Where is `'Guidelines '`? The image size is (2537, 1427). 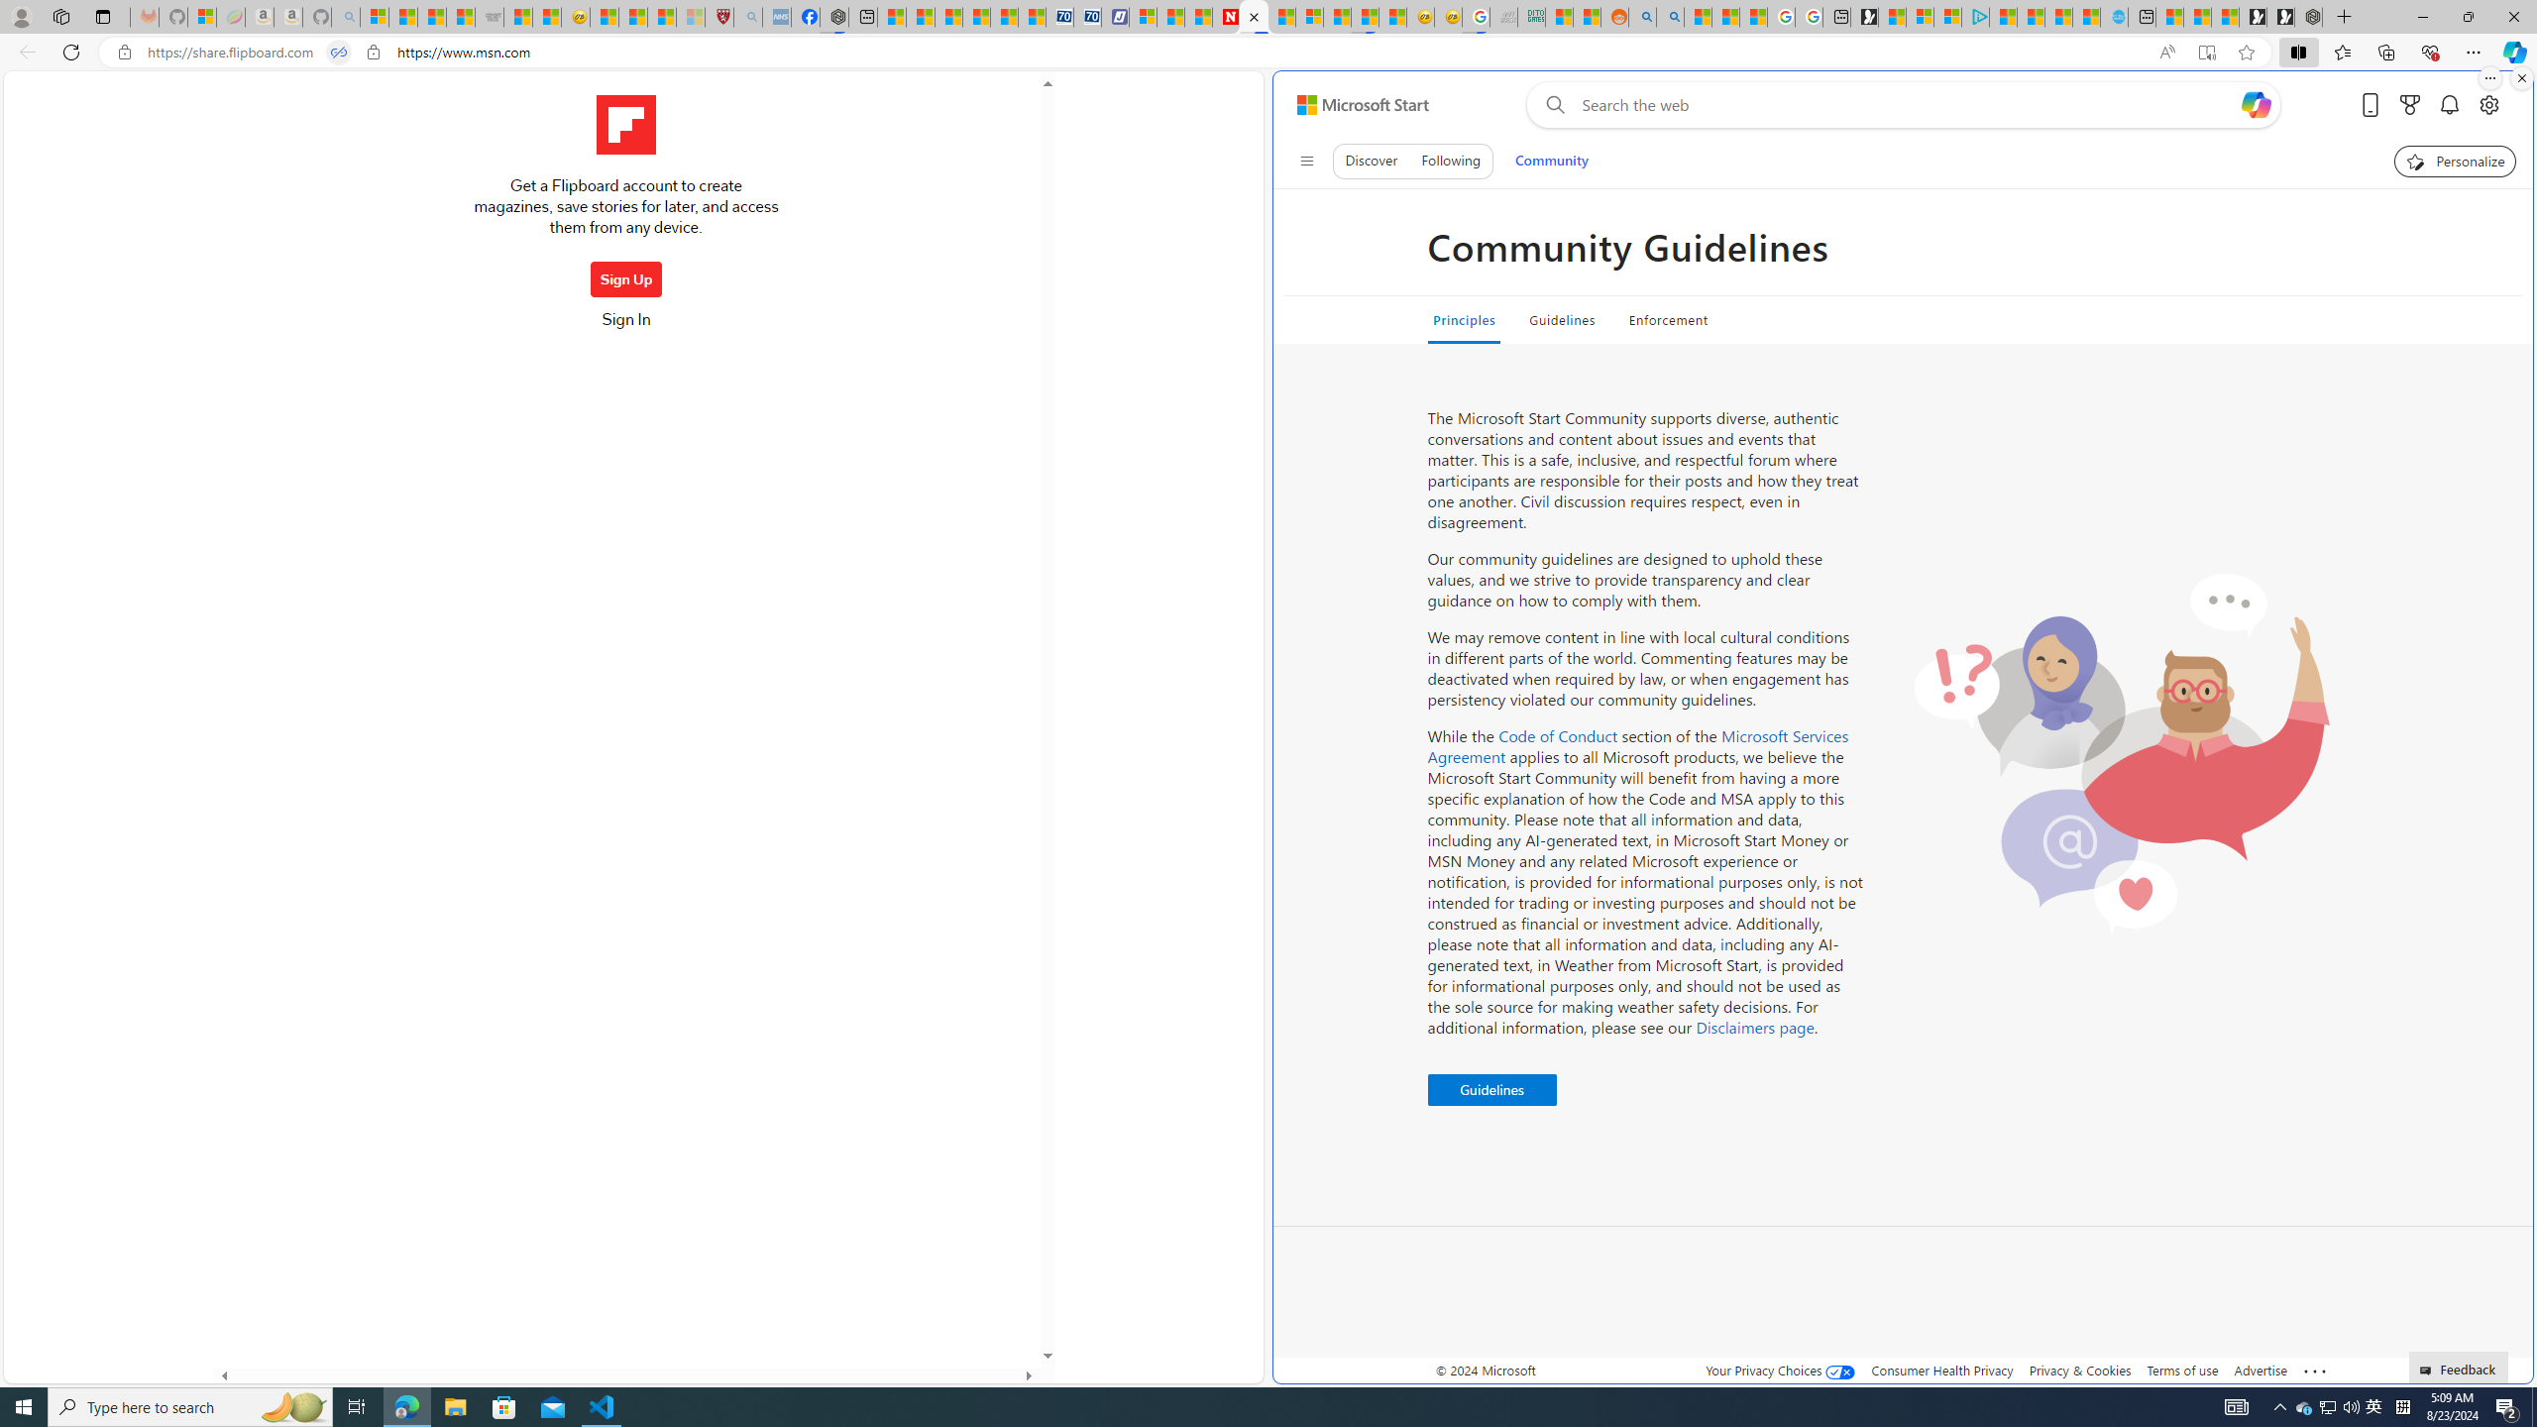
'Guidelines ' is located at coordinates (1490, 1089).